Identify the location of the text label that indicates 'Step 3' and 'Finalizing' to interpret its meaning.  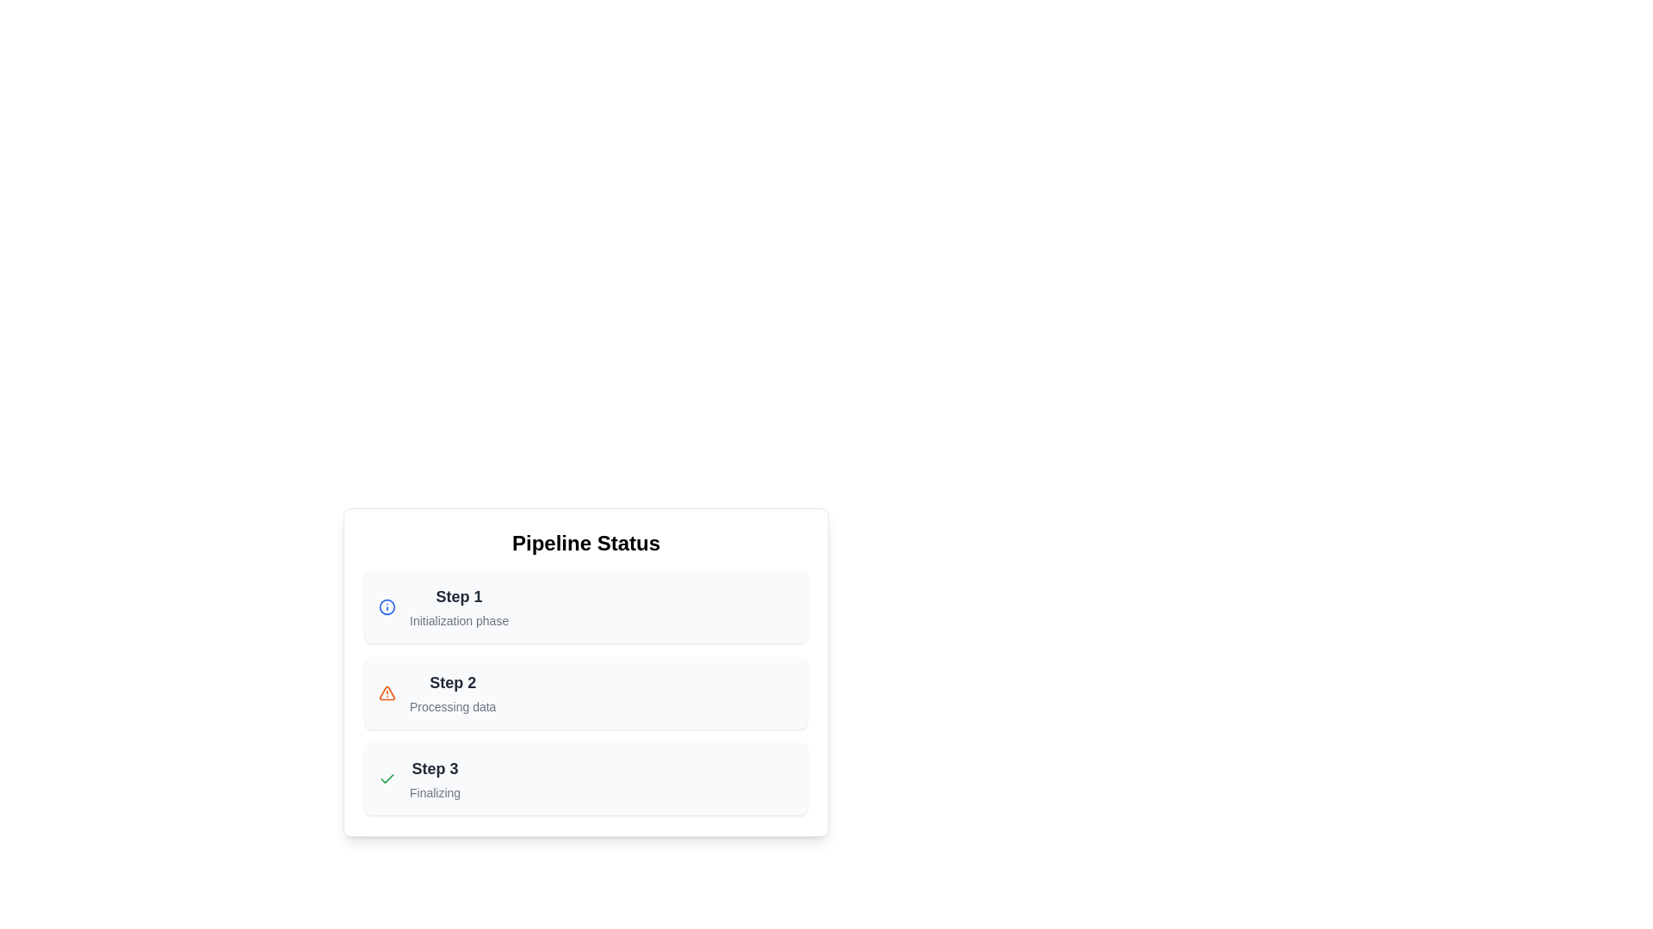
(435, 779).